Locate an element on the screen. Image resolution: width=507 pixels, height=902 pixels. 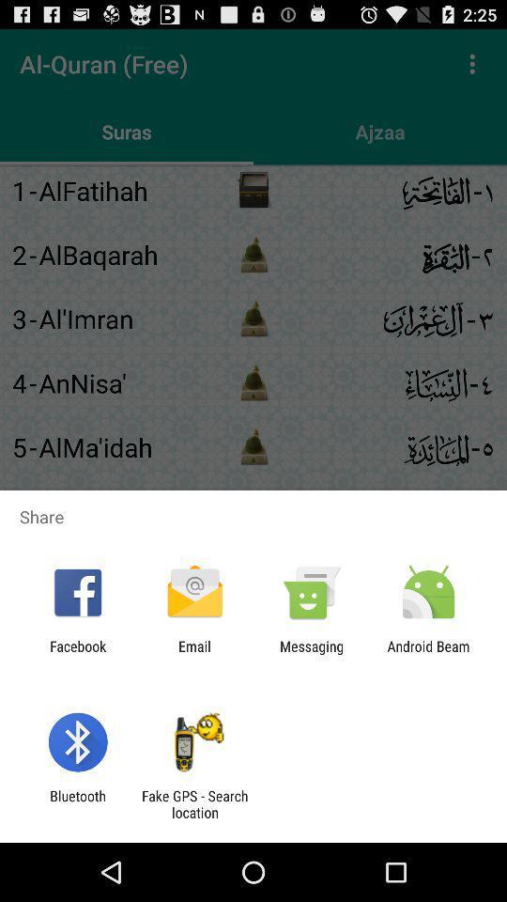
the messaging item is located at coordinates (312, 654).